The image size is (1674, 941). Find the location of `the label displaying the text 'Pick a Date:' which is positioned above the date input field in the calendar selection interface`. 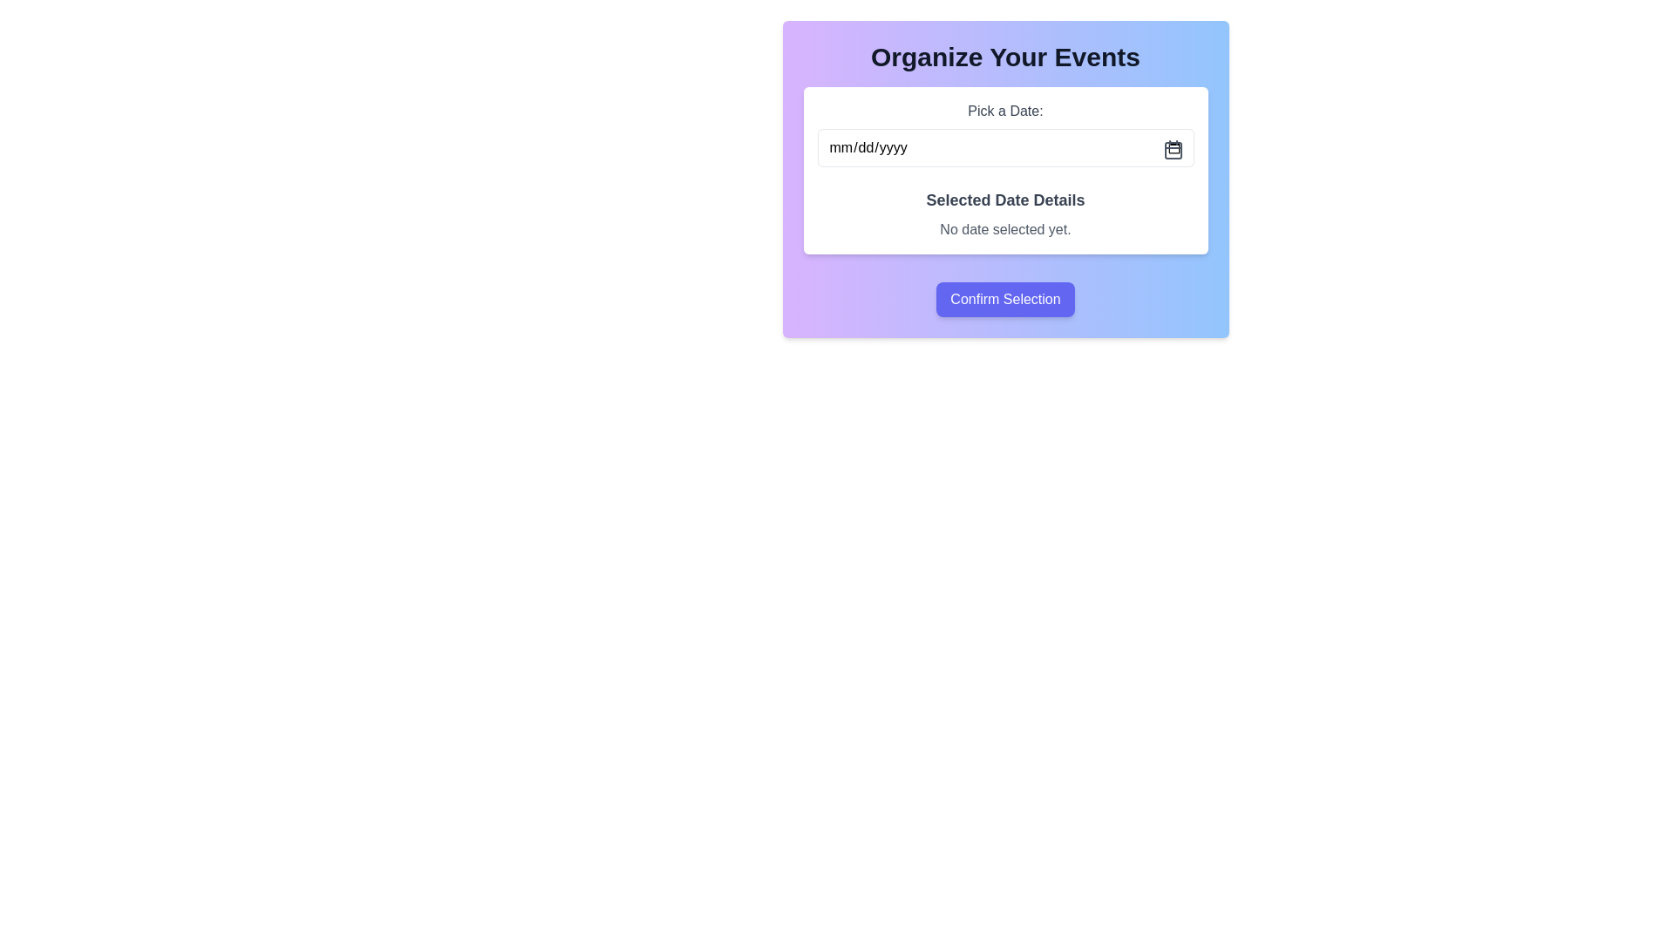

the label displaying the text 'Pick a Date:' which is positioned above the date input field in the calendar selection interface is located at coordinates (1005, 111).